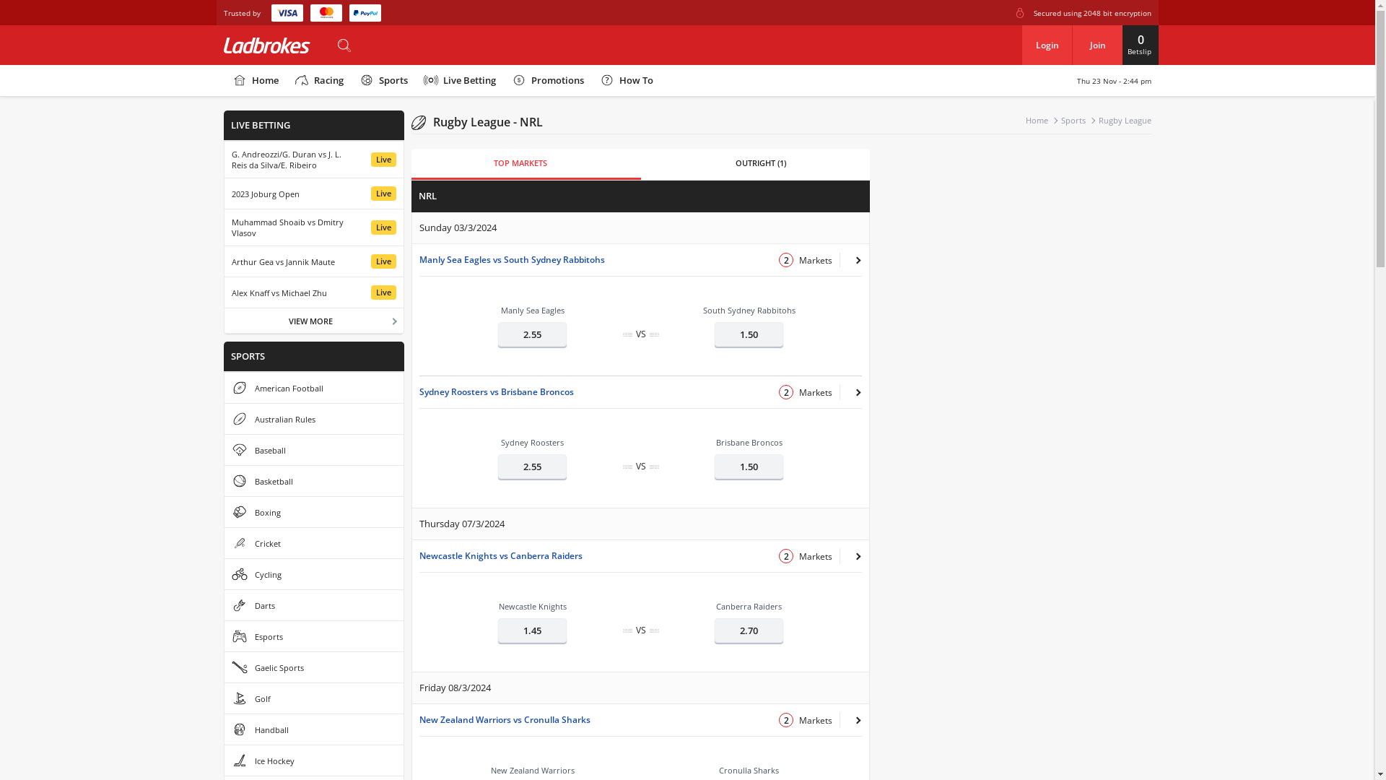 The image size is (1386, 780). Describe the element at coordinates (223, 80) in the screenshot. I see `'Home'` at that location.